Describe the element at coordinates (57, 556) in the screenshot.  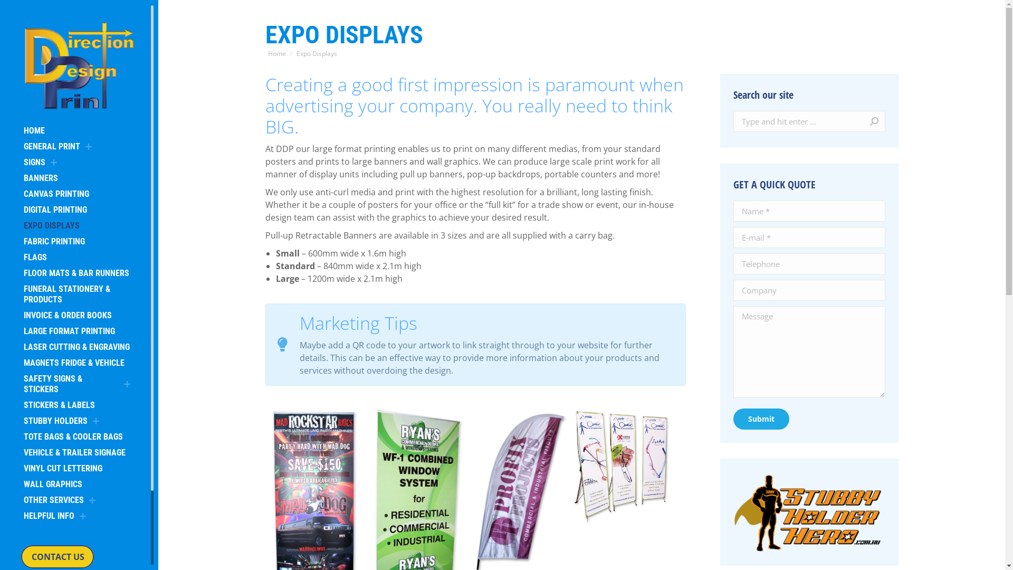
I see `'CONTACT US'` at that location.